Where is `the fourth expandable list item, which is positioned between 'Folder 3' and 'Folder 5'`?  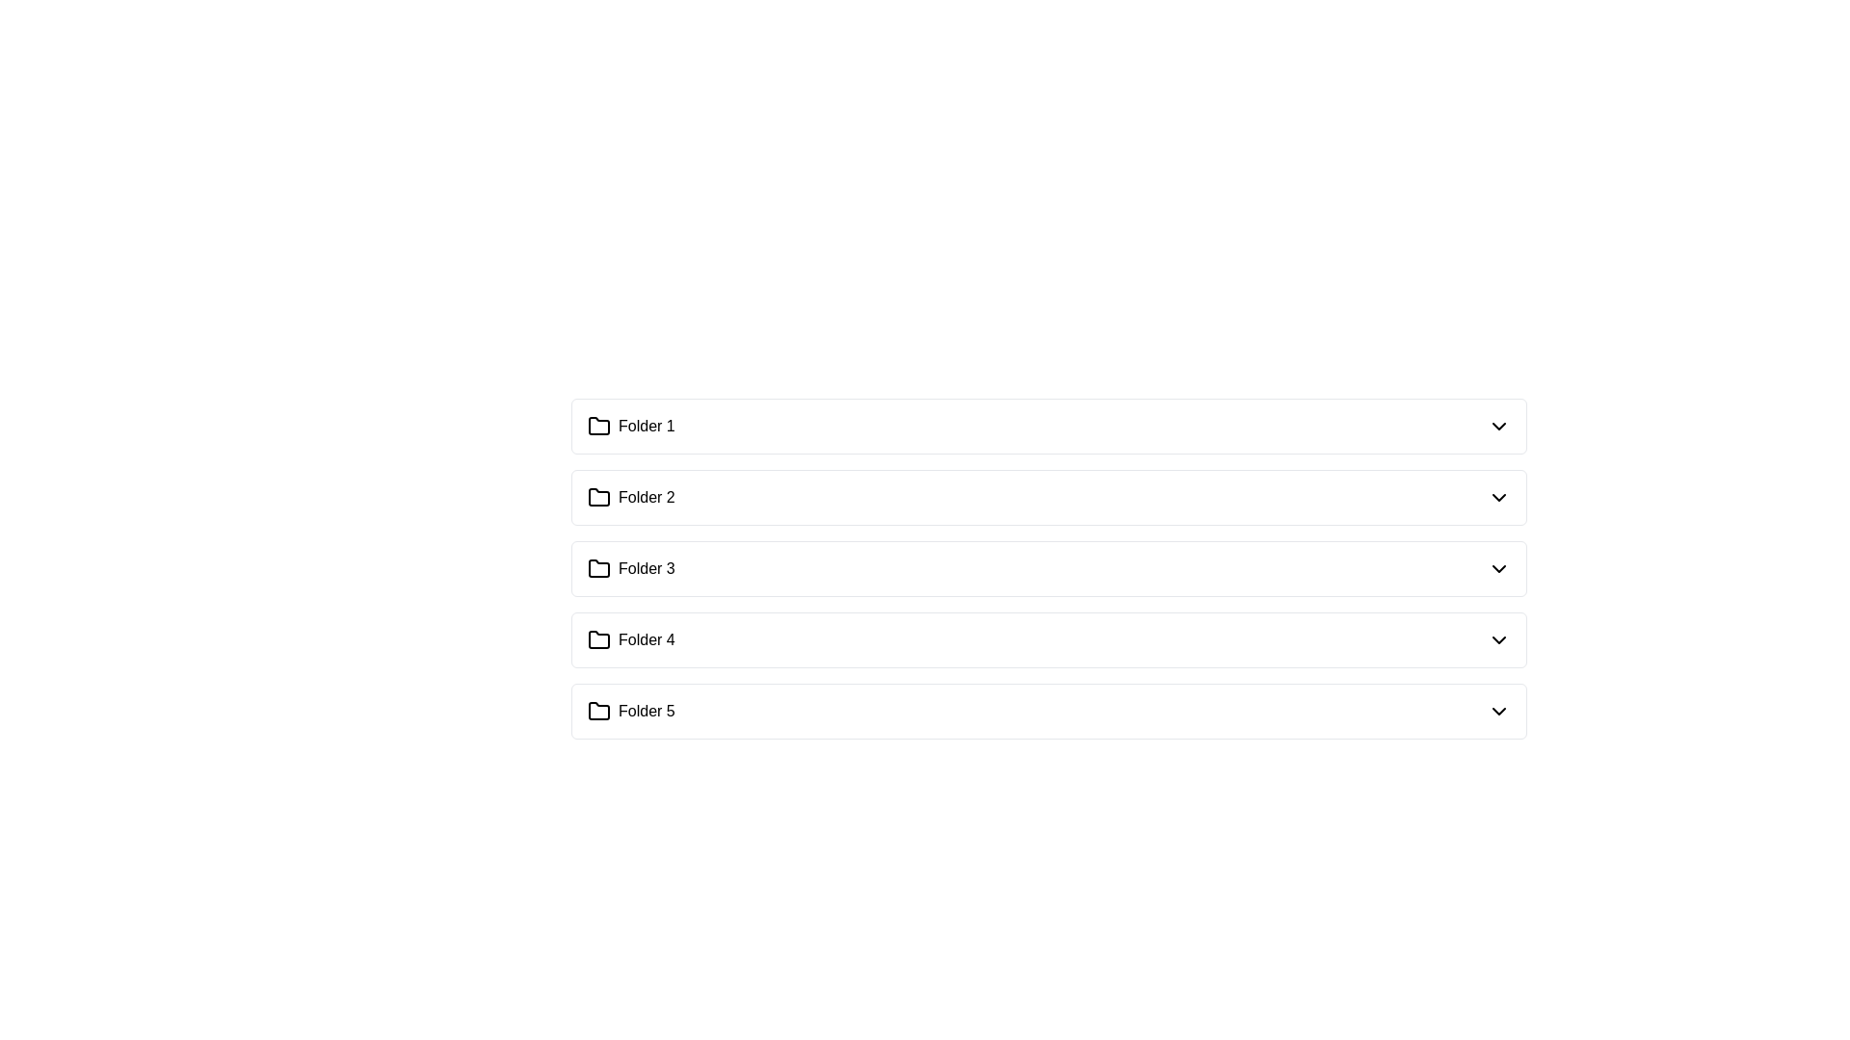 the fourth expandable list item, which is positioned between 'Folder 3' and 'Folder 5' is located at coordinates (1048, 639).